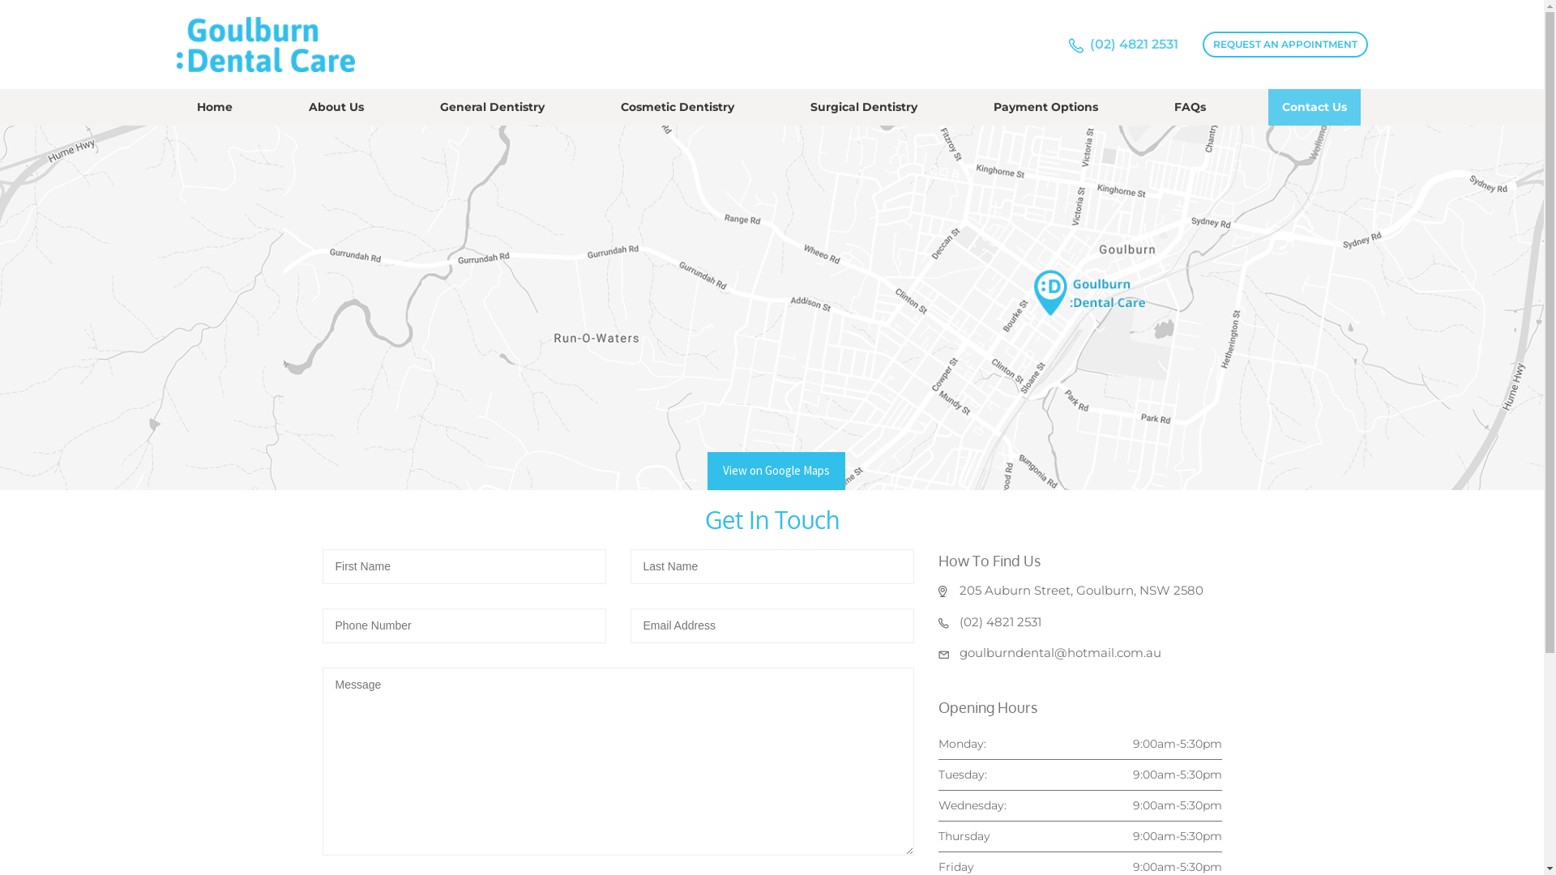  Describe the element at coordinates (797, 107) in the screenshot. I see `'Surgical Dentistry'` at that location.